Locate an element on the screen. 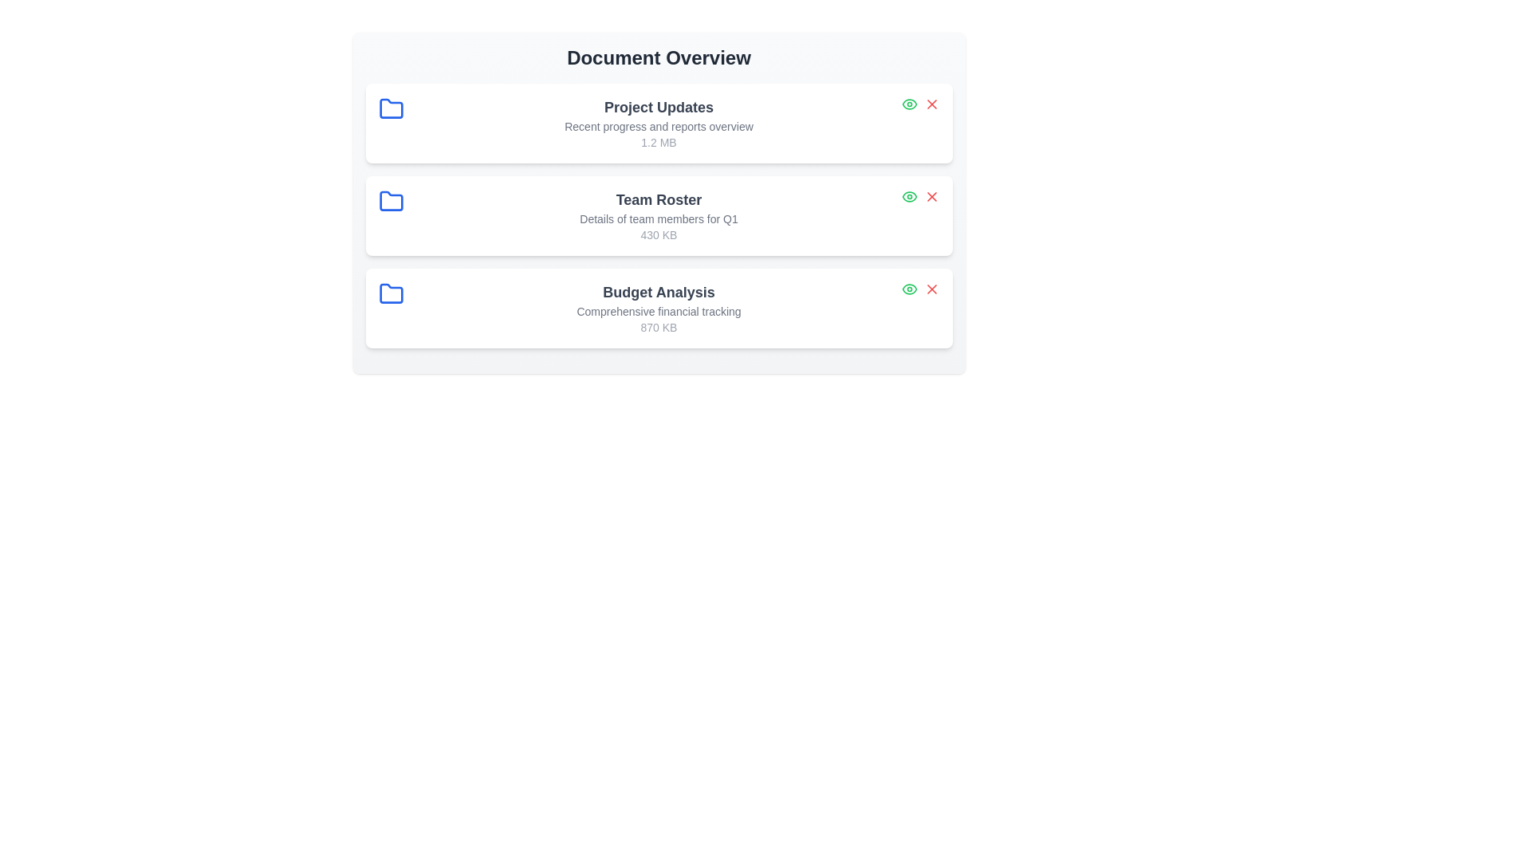  the folder icon corresponding to Project Updates to provide visual feedback is located at coordinates (391, 108).